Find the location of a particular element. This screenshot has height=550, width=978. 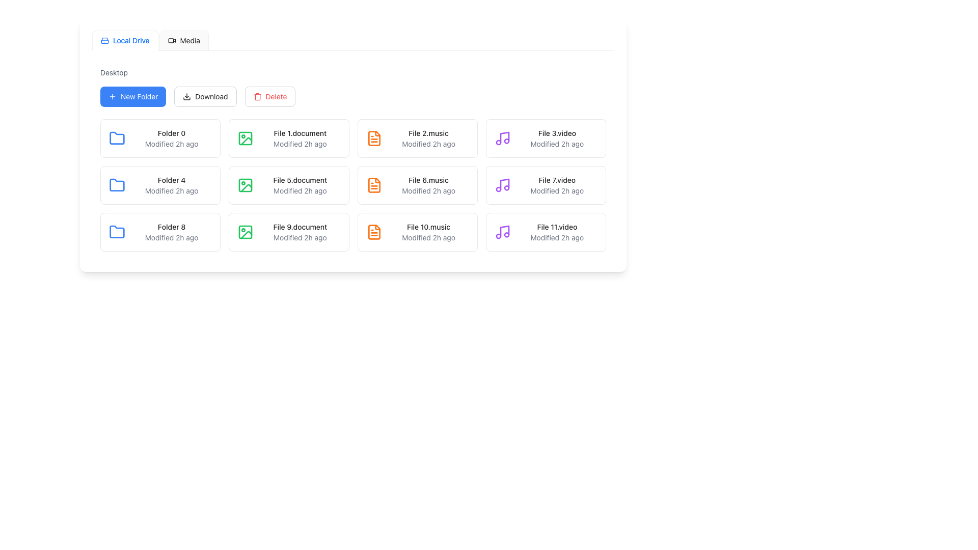

the non-interactive text label displaying the file name located in the third row and second column of the grid layout, positioned below 'Modified 2h ago' and to the right of a document graphic is located at coordinates (300, 227).